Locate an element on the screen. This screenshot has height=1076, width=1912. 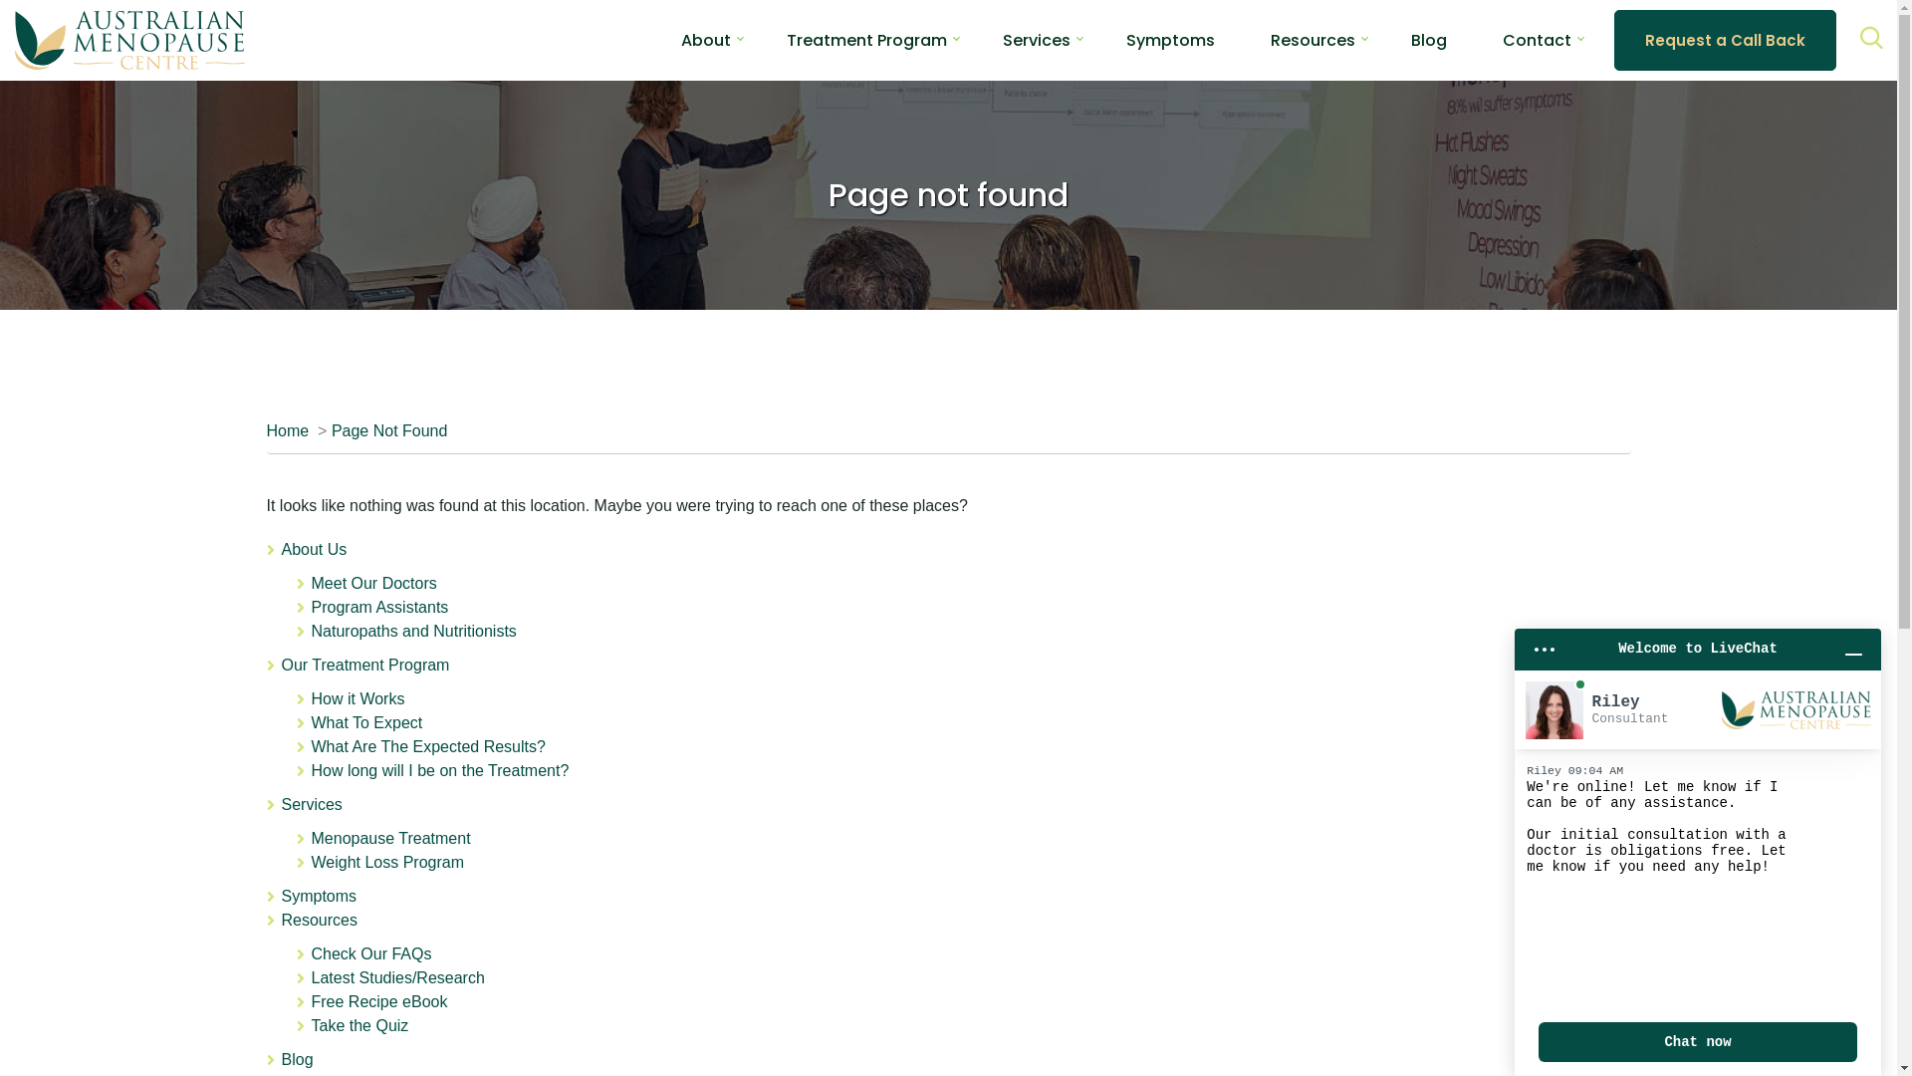
'Page Not Found' is located at coordinates (389, 429).